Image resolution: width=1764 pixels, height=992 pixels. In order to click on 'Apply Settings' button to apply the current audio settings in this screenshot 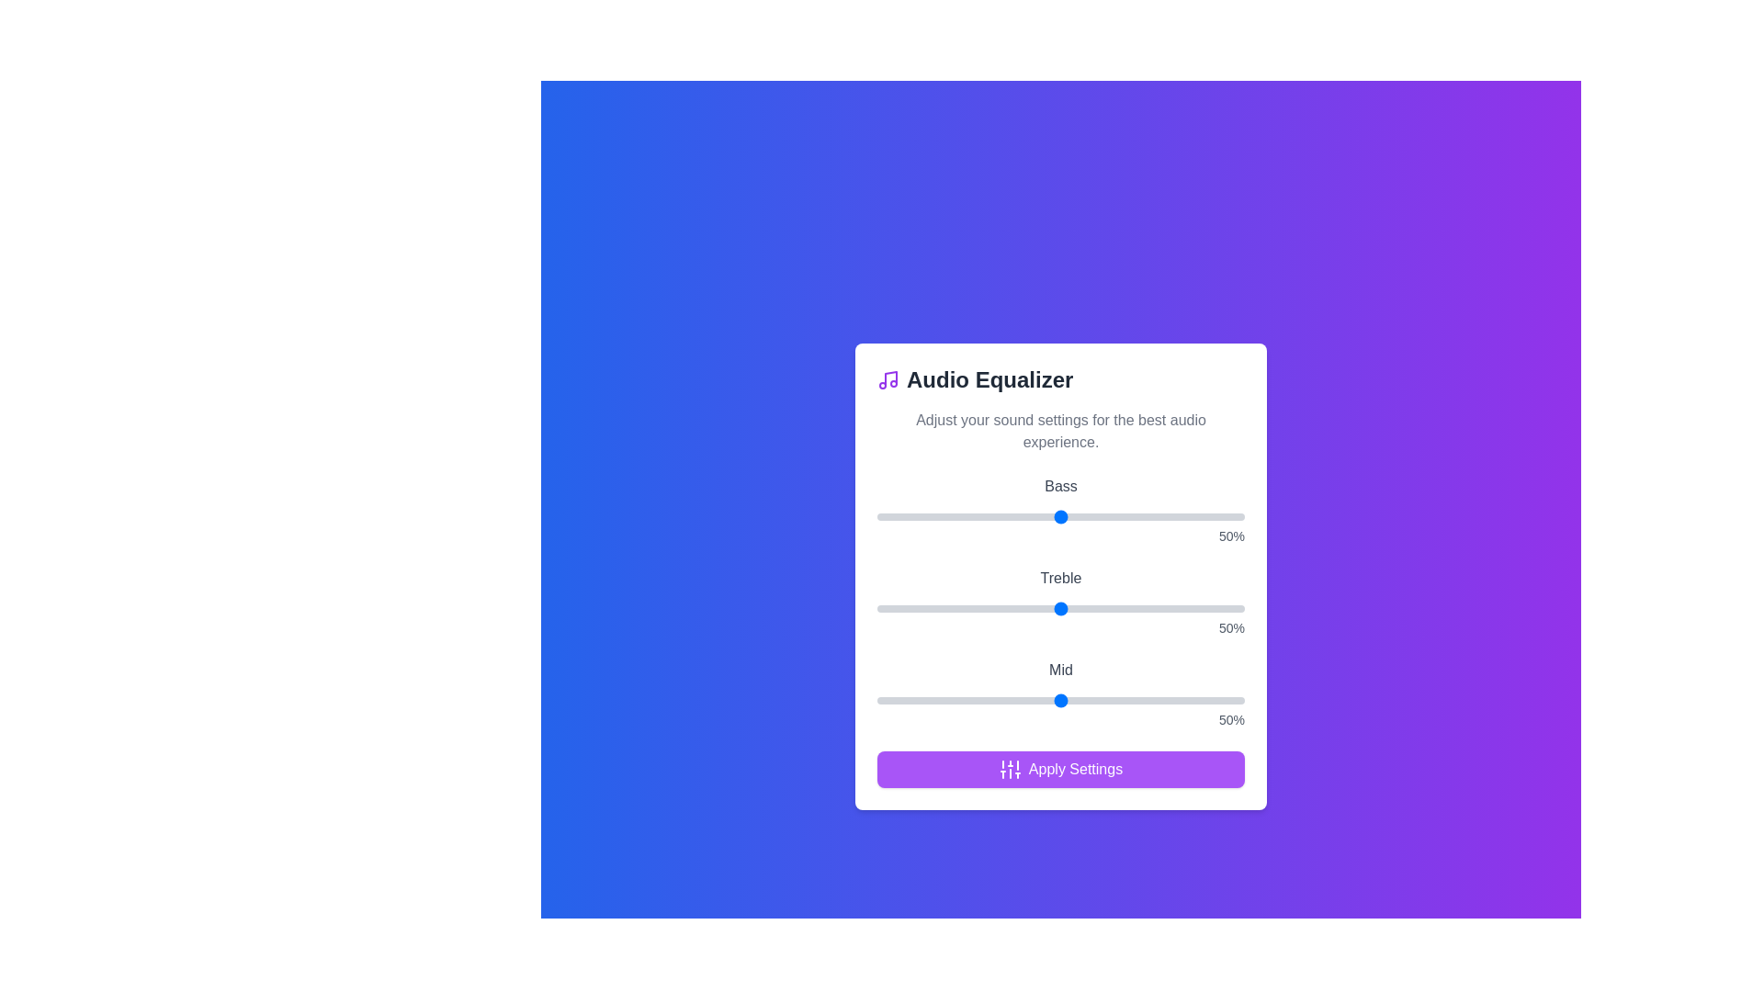, I will do `click(1061, 769)`.